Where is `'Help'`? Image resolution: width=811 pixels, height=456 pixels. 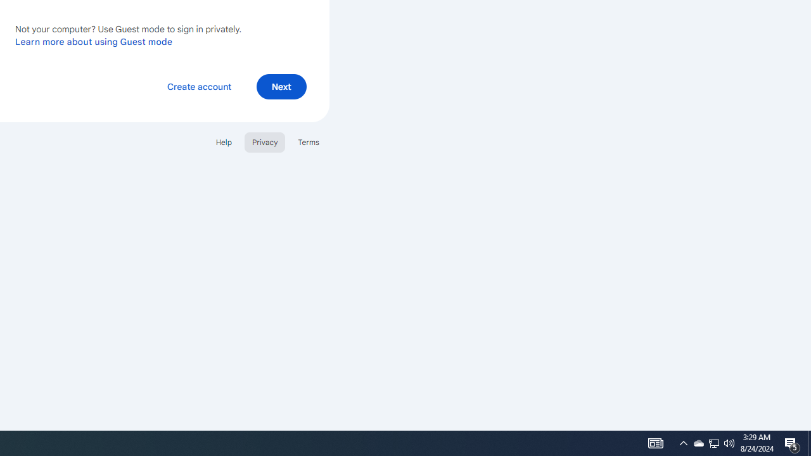 'Help' is located at coordinates (223, 142).